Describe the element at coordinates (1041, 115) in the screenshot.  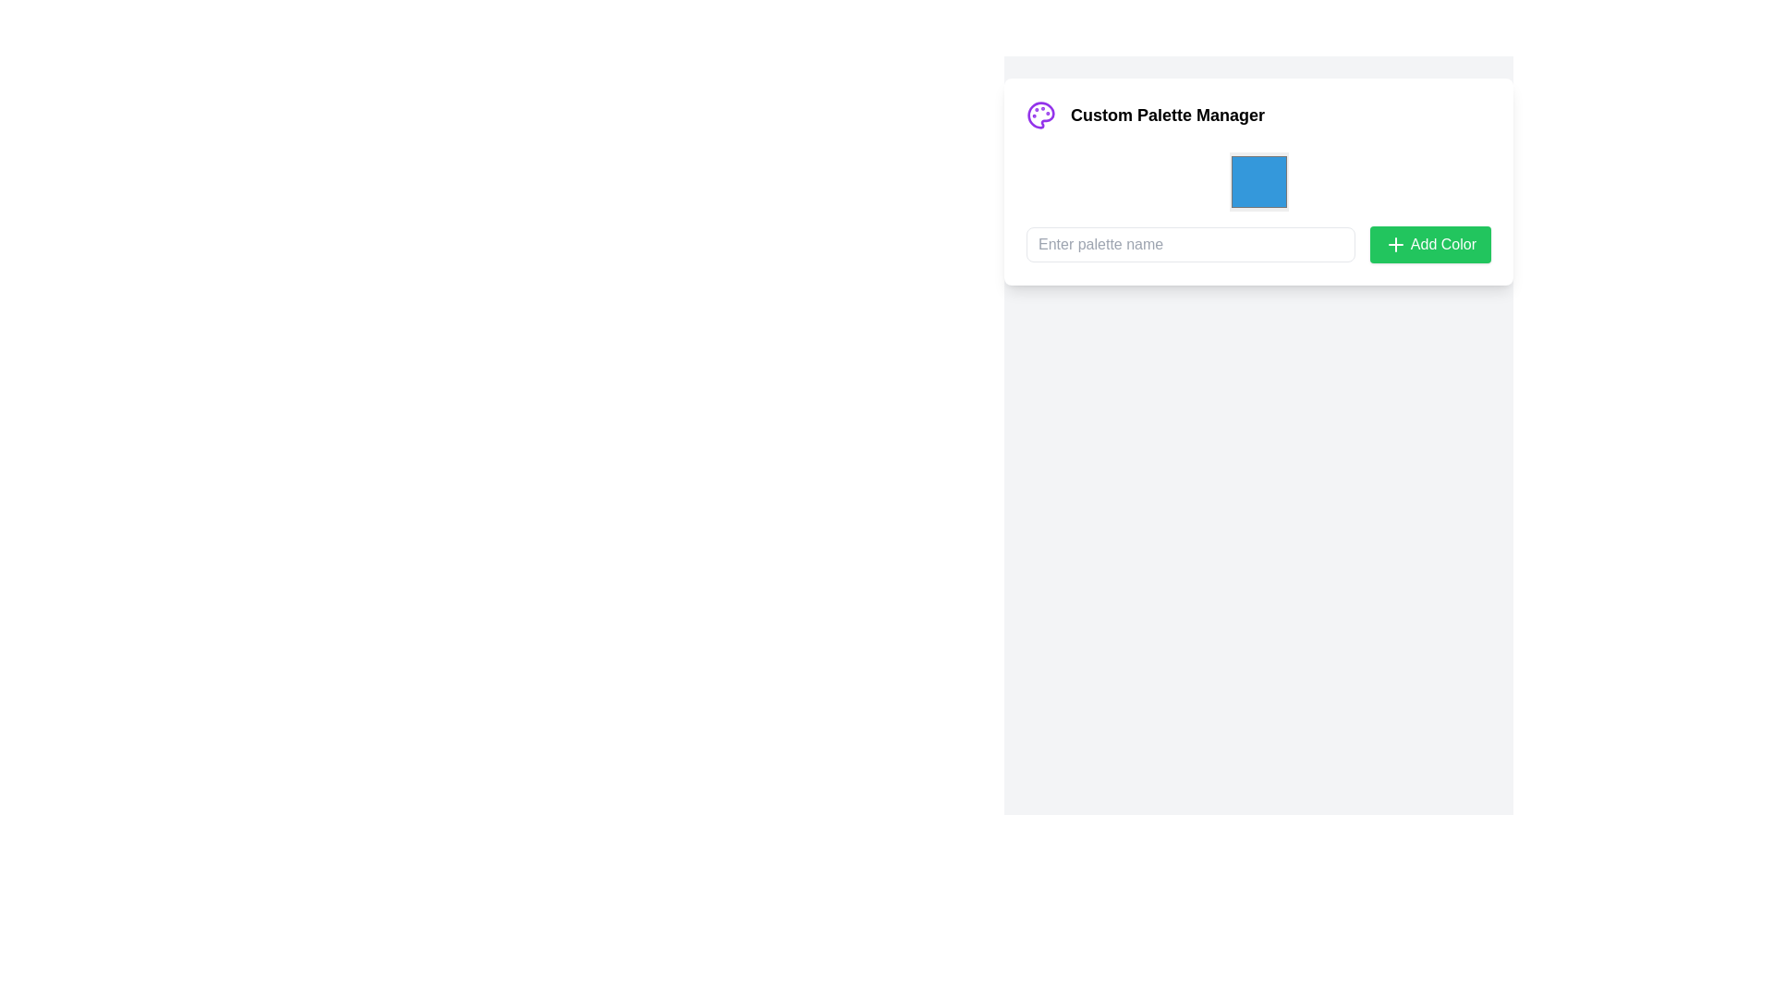
I see `the decorative icon for the Custom Palette Manager section, which is the first item in a horizontal arrangement next to the section title` at that location.